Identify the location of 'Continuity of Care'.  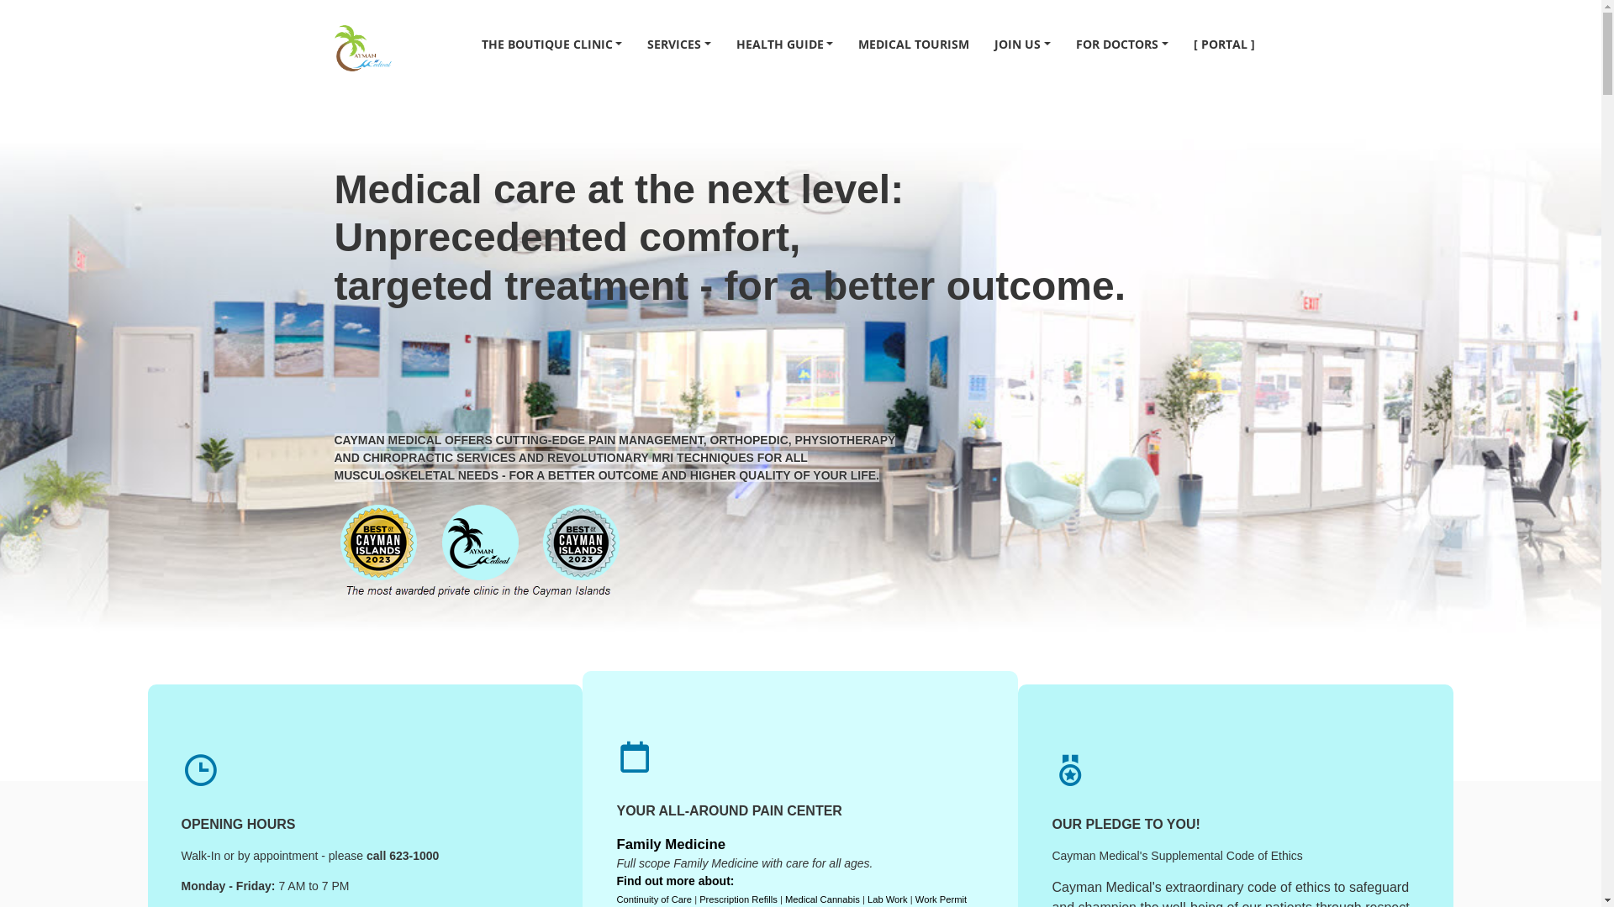
(652, 899).